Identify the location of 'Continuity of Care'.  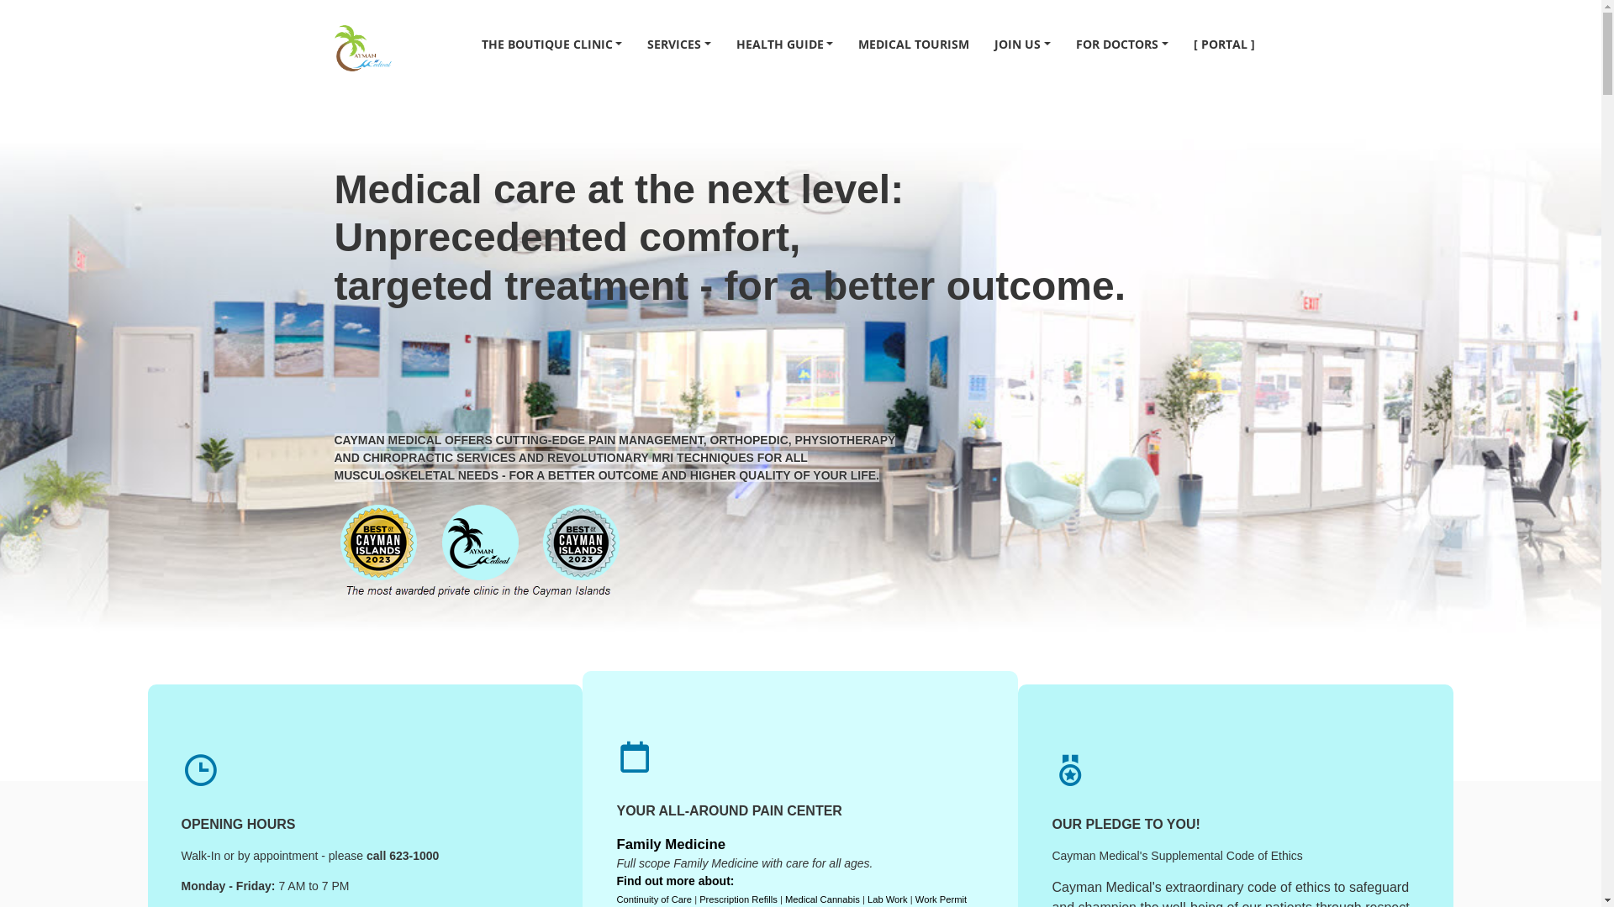
(652, 899).